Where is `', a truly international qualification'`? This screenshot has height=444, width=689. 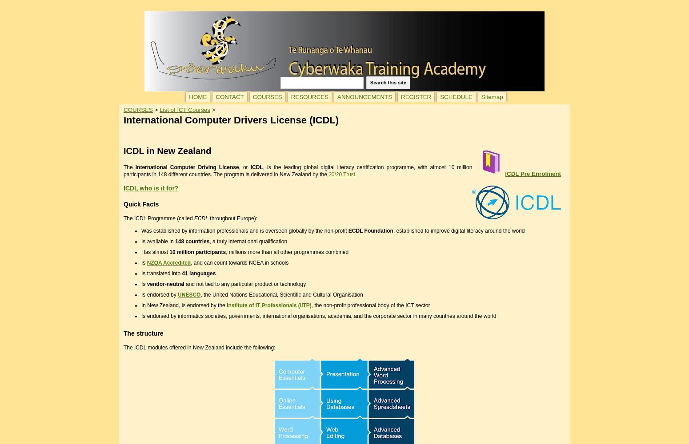 ', a truly international qualification' is located at coordinates (248, 241).